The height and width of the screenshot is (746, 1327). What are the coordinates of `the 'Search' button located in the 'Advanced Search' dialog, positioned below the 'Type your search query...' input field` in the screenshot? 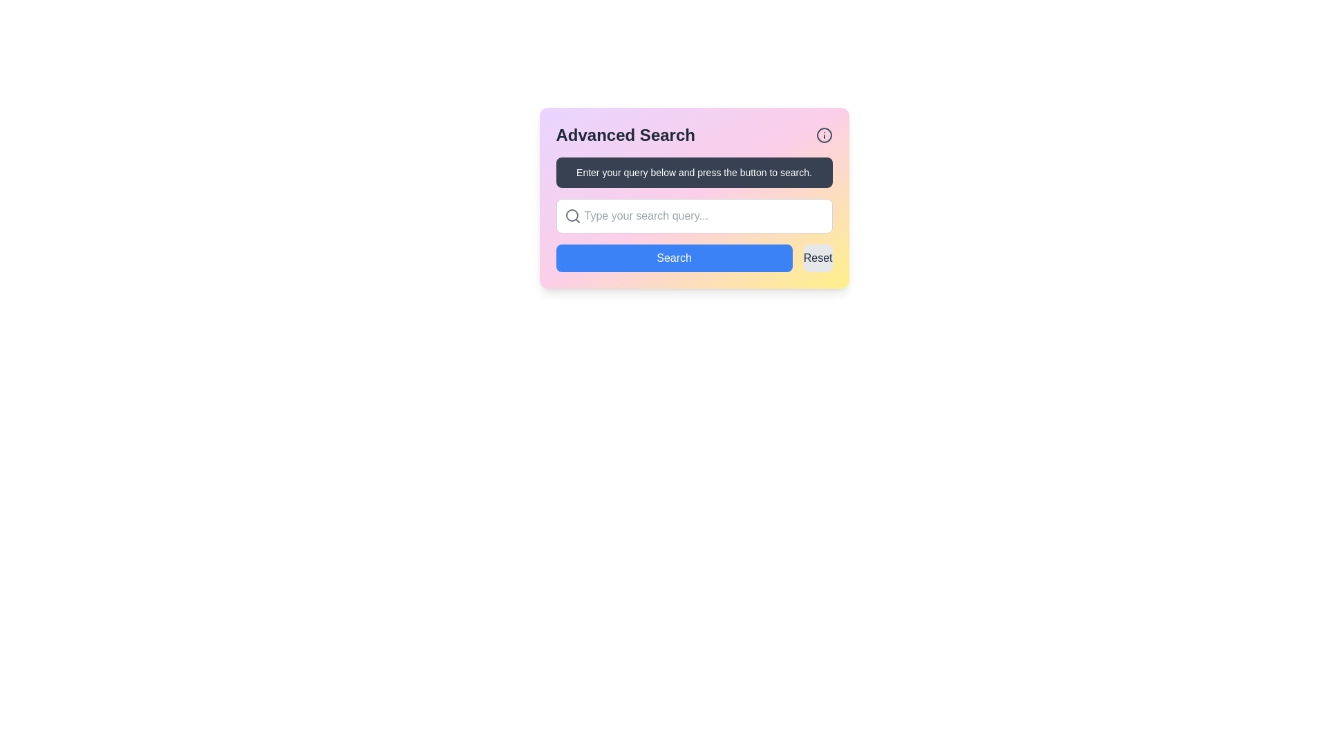 It's located at (674, 258).